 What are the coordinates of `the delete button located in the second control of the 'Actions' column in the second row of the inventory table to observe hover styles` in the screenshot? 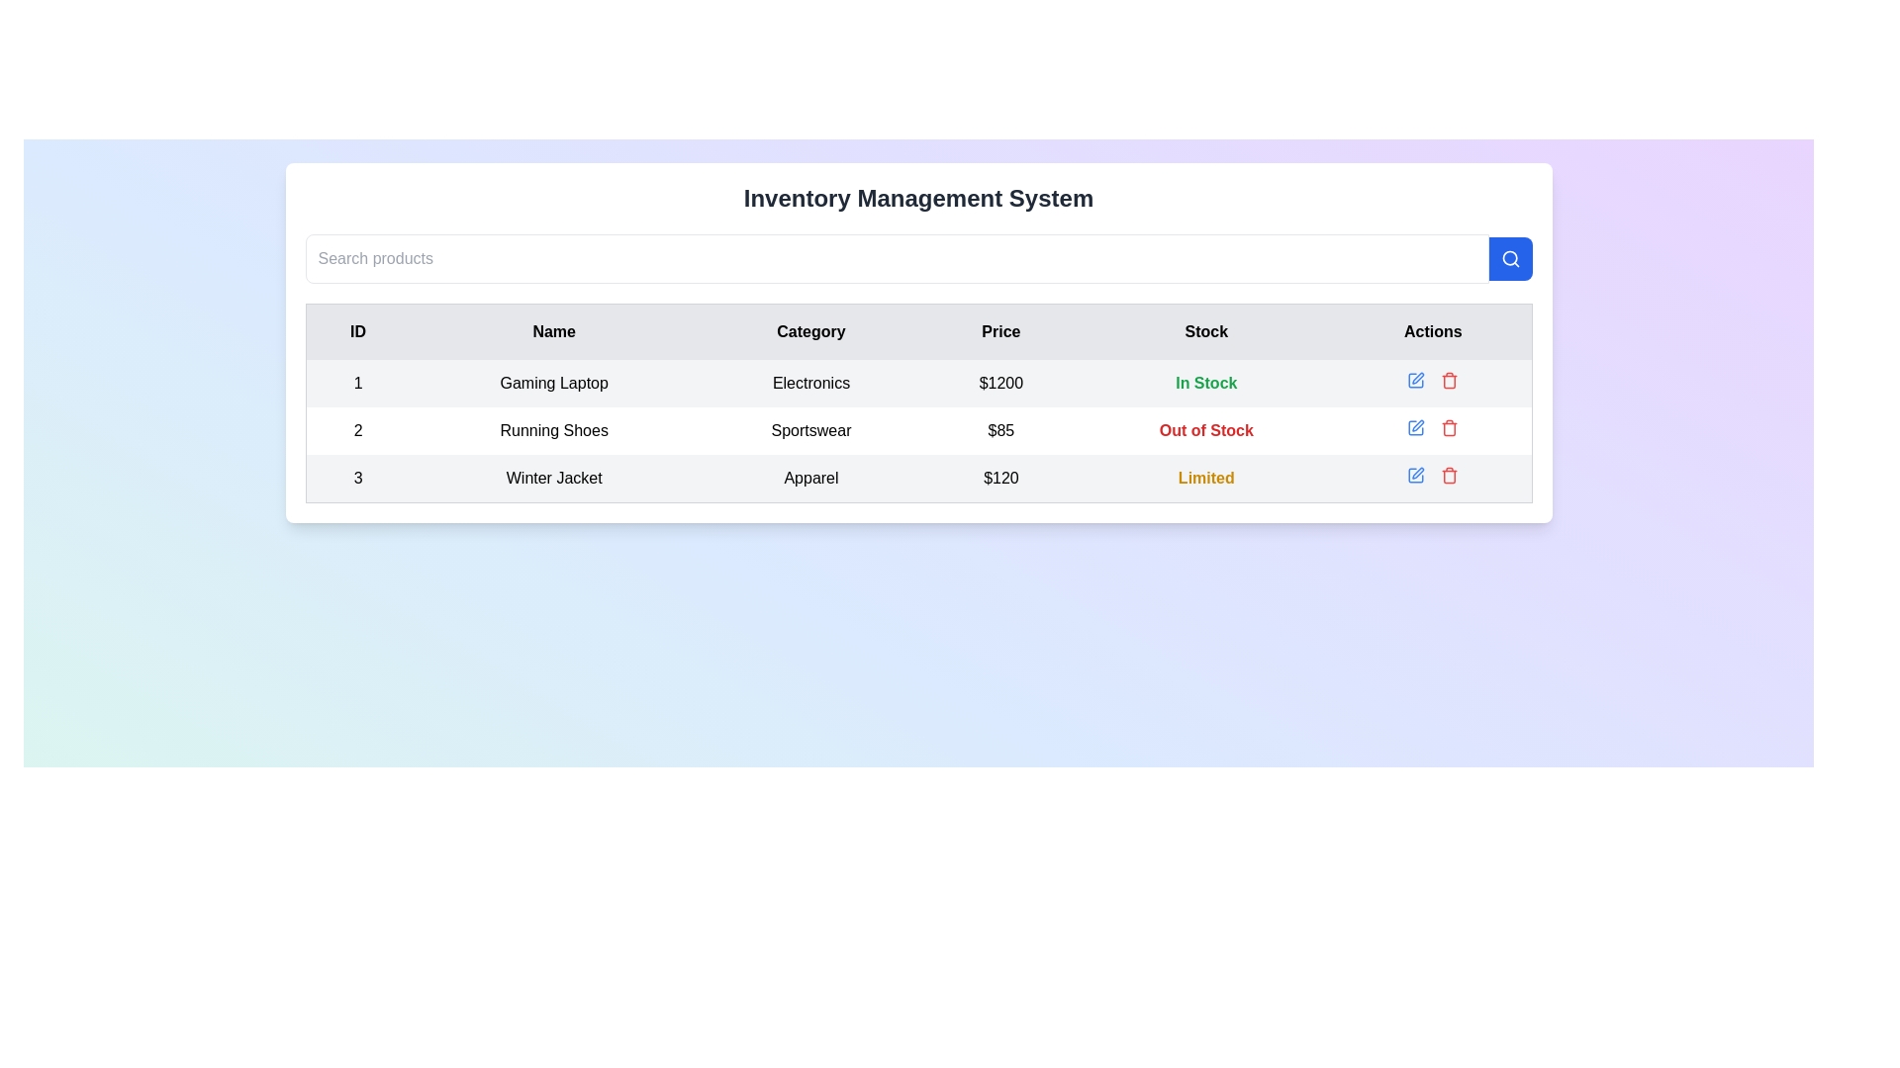 It's located at (1450, 426).